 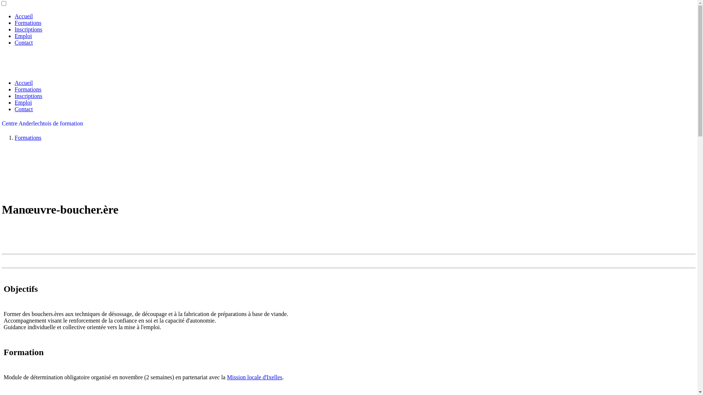 What do you see at coordinates (28, 29) in the screenshot?
I see `'Inscriptions'` at bounding box center [28, 29].